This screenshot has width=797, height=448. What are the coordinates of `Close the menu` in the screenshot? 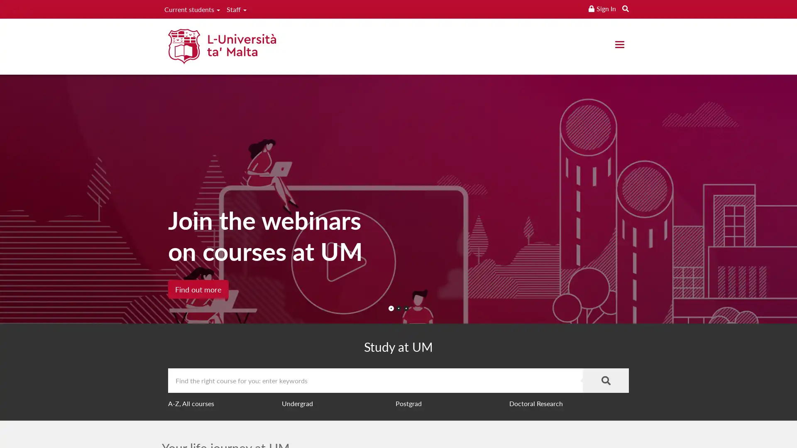 It's located at (619, 44).